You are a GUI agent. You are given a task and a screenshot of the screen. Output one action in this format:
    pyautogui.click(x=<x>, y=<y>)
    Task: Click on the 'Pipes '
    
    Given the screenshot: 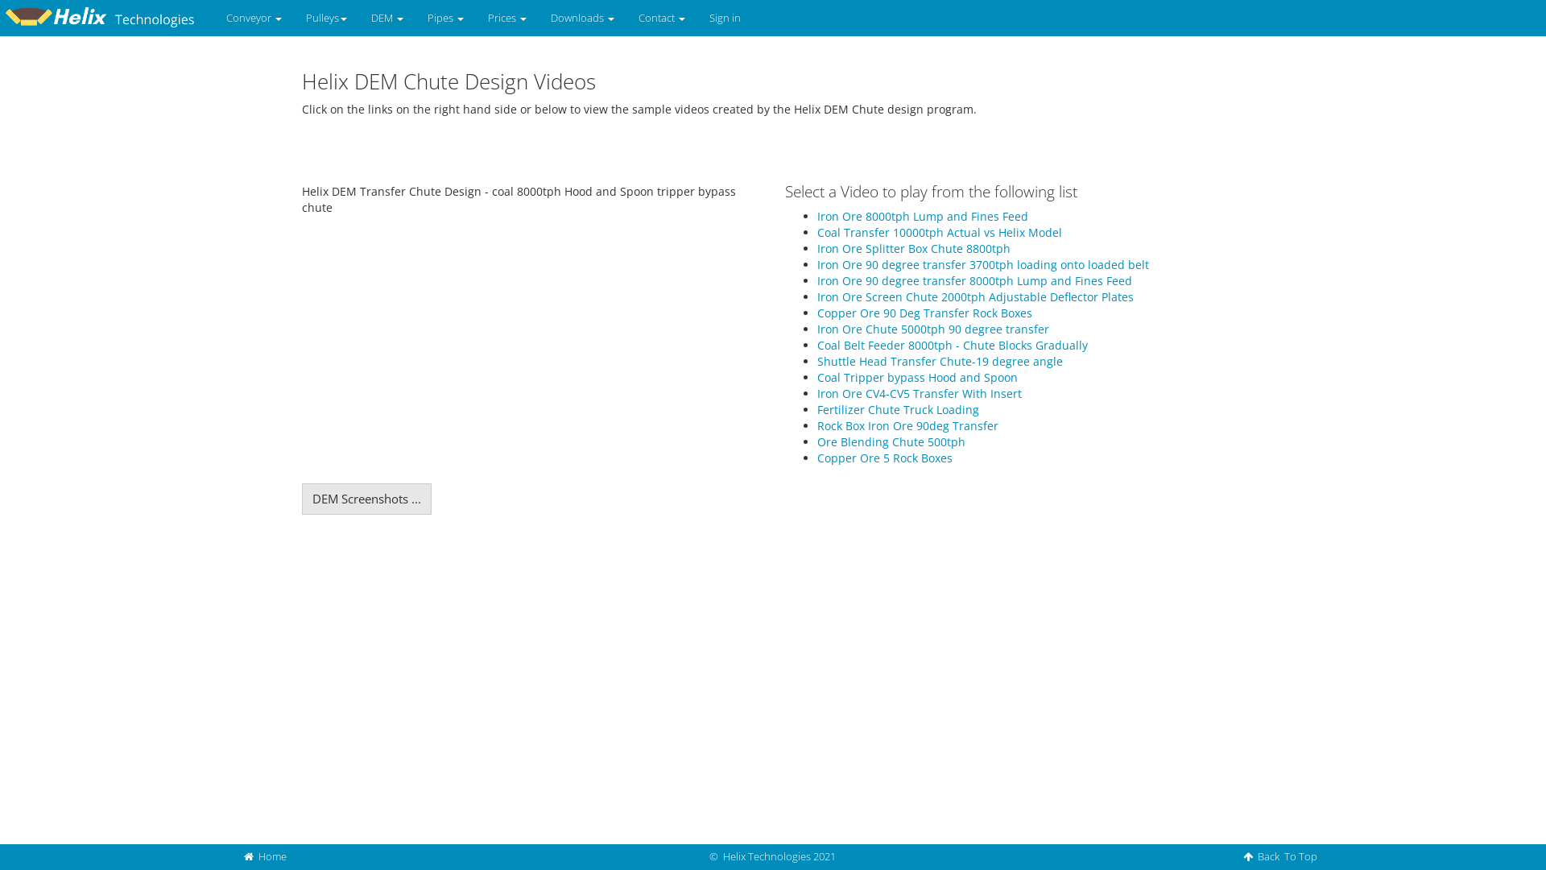 What is the action you would take?
    pyautogui.click(x=445, y=18)
    